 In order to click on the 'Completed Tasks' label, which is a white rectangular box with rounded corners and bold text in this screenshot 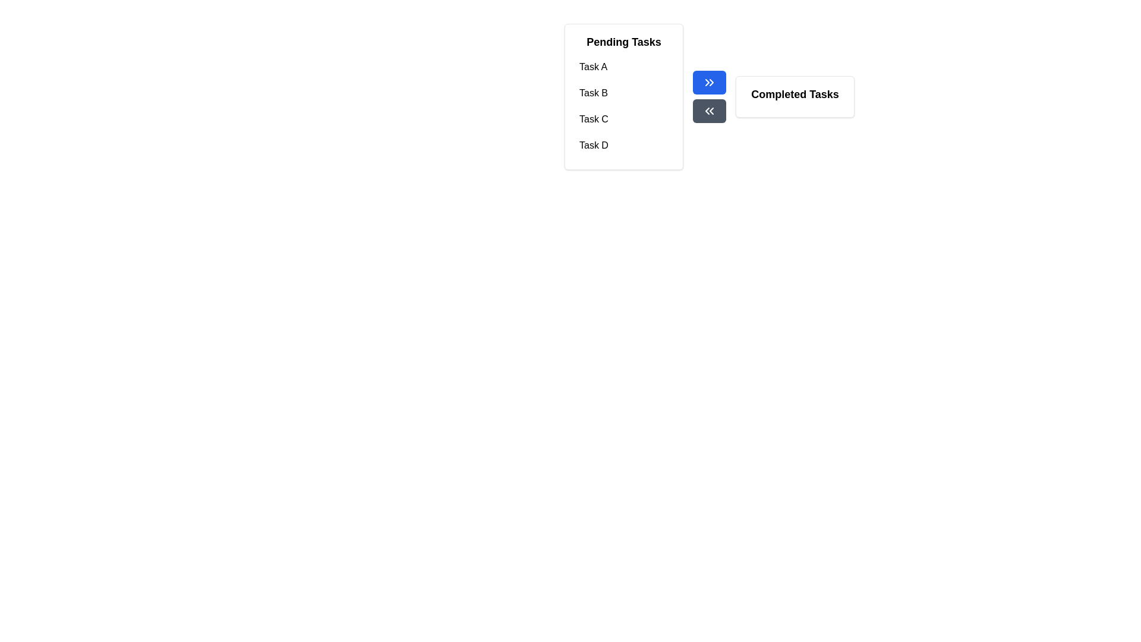, I will do `click(795, 96)`.